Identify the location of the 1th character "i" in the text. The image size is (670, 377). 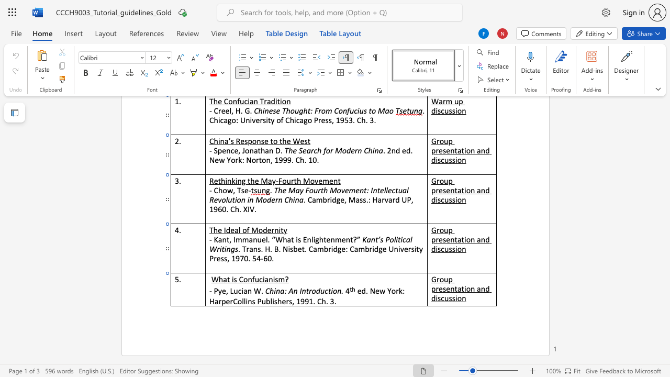
(464, 239).